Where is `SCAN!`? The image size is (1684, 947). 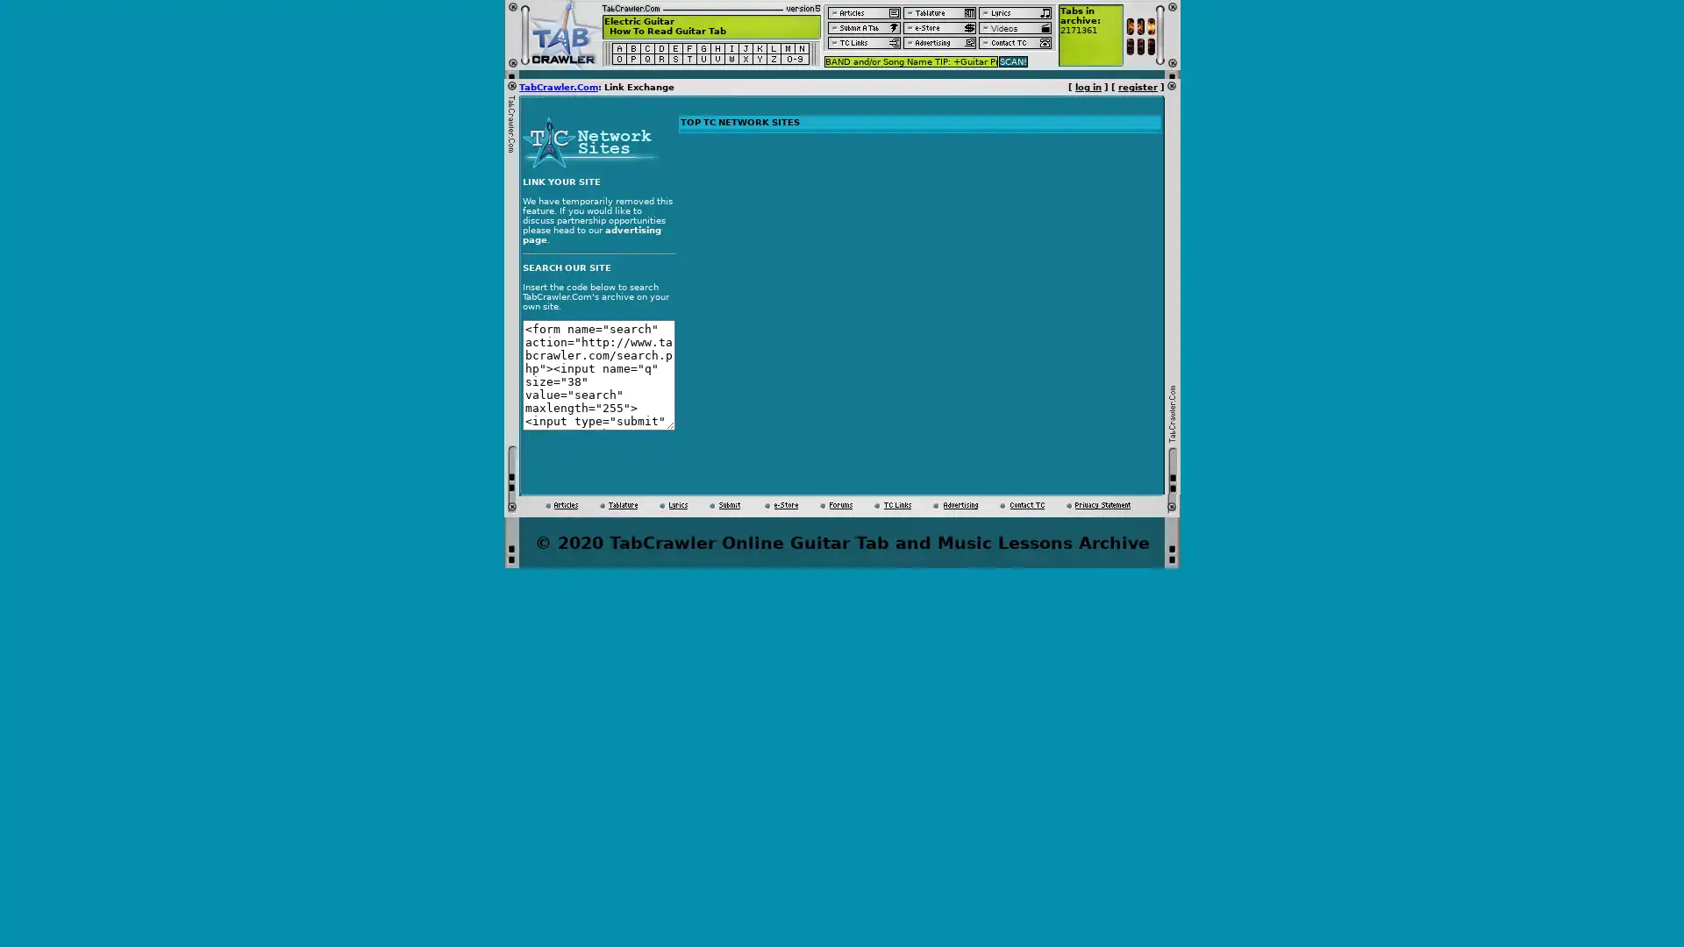
SCAN! is located at coordinates (1012, 60).